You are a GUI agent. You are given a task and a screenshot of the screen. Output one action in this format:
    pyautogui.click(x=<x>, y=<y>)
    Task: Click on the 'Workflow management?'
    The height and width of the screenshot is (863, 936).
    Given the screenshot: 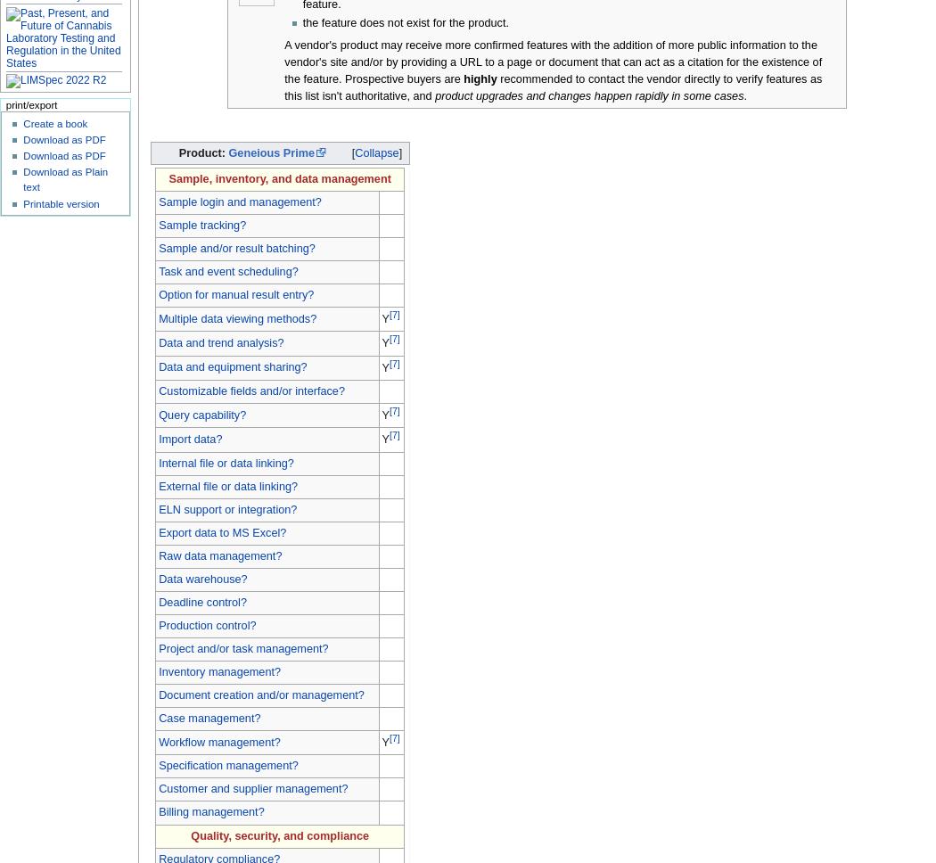 What is the action you would take?
    pyautogui.click(x=158, y=741)
    